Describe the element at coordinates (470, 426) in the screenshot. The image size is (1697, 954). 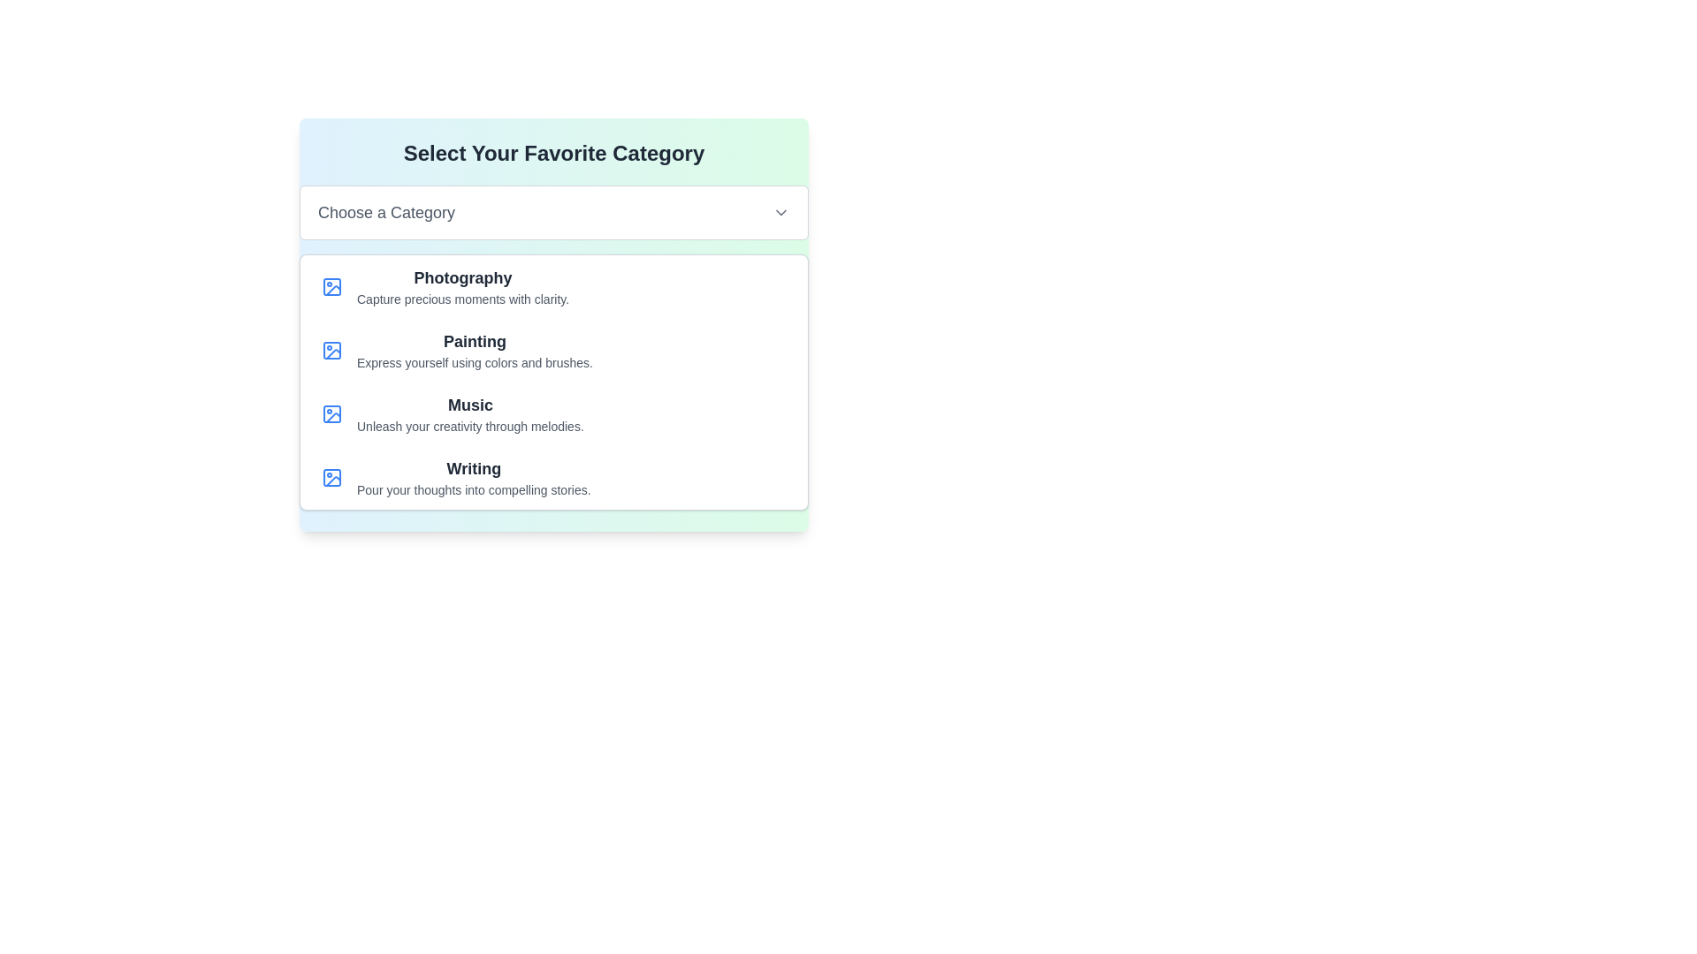
I see `the Text label that describes the 'Music' category in the selection list, located directly beneath the 'Music' heading` at that location.